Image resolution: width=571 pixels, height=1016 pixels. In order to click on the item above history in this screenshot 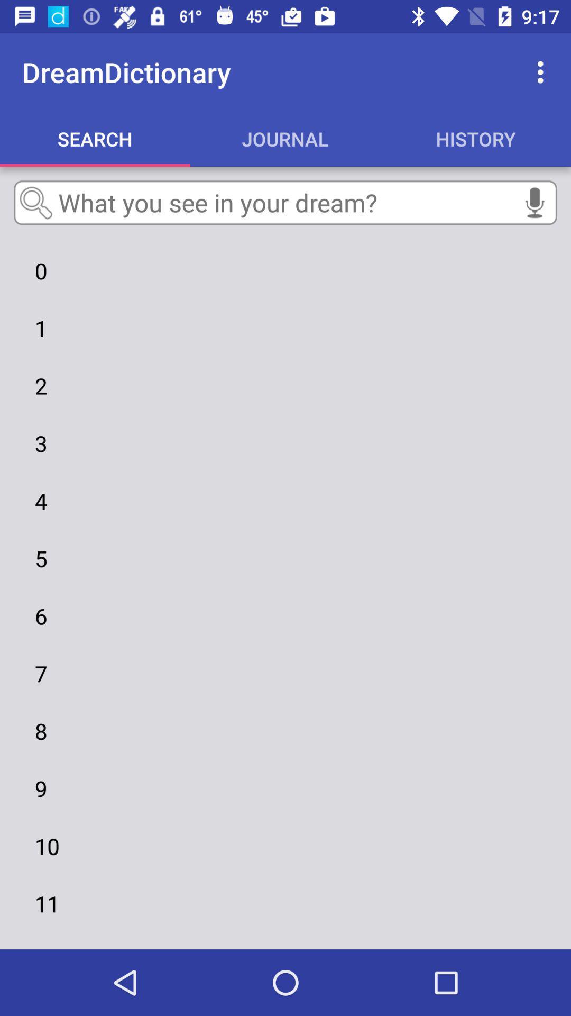, I will do `click(543, 71)`.